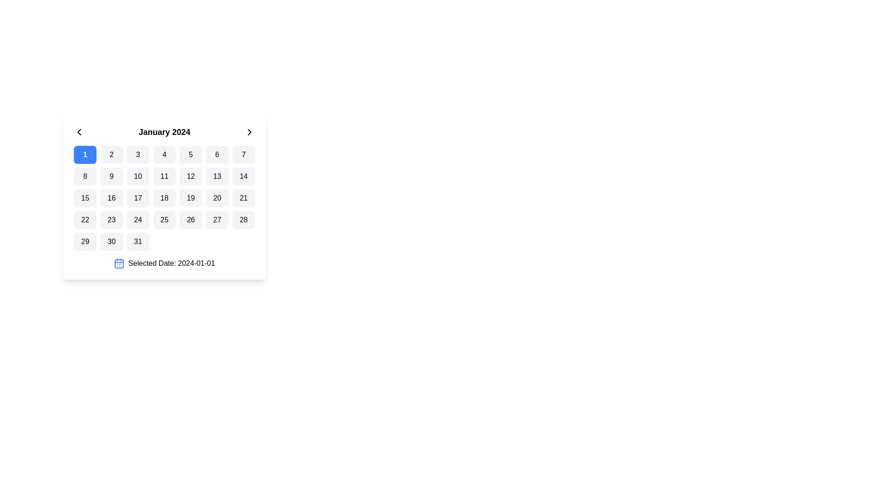 The image size is (870, 489). What do you see at coordinates (164, 198) in the screenshot?
I see `the calendar day button representing '18'` at bounding box center [164, 198].